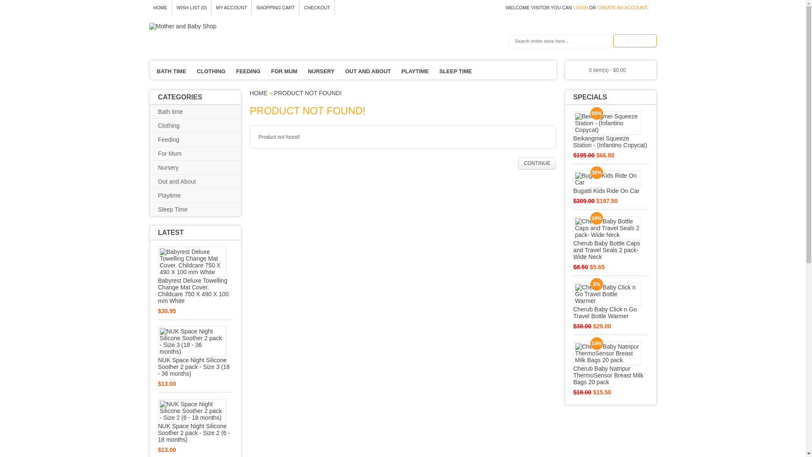 This screenshot has width=812, height=457. I want to click on 'SLEEP TIME', so click(435, 71).